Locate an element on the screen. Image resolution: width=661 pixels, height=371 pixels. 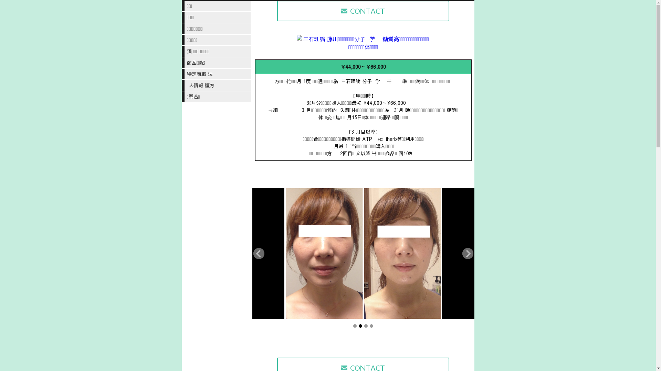
'1' is located at coordinates (355, 325).